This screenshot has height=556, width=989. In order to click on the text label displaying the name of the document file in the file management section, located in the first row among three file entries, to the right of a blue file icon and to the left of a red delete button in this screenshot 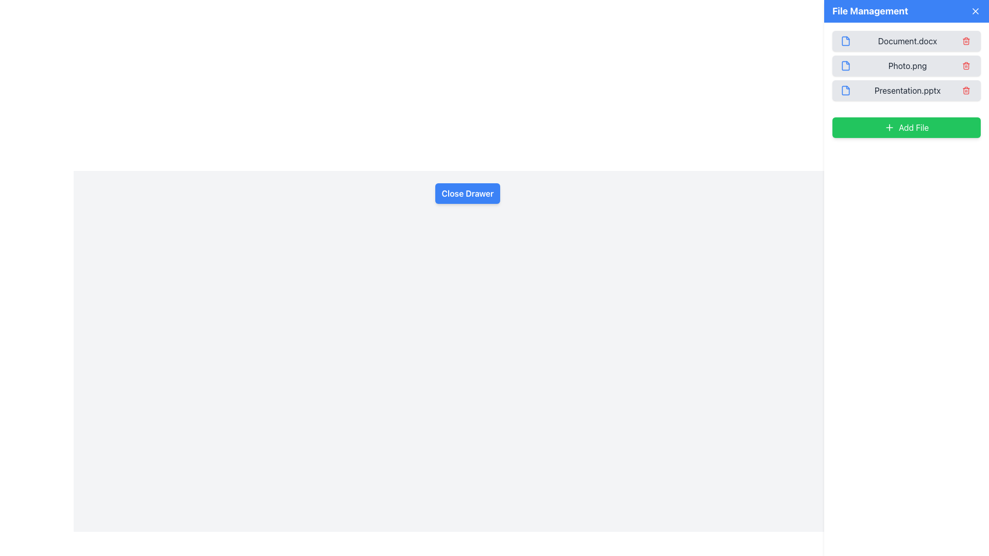, I will do `click(907, 41)`.